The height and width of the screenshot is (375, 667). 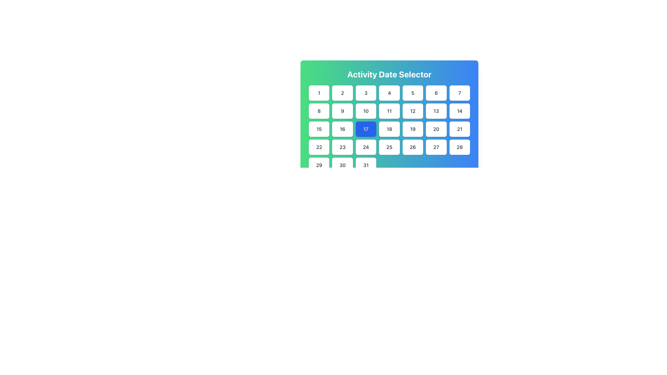 I want to click on the square-shaped button with rounded corners labeled '29', which is located in the bottom-left corner of the grid layout, so click(x=319, y=165).